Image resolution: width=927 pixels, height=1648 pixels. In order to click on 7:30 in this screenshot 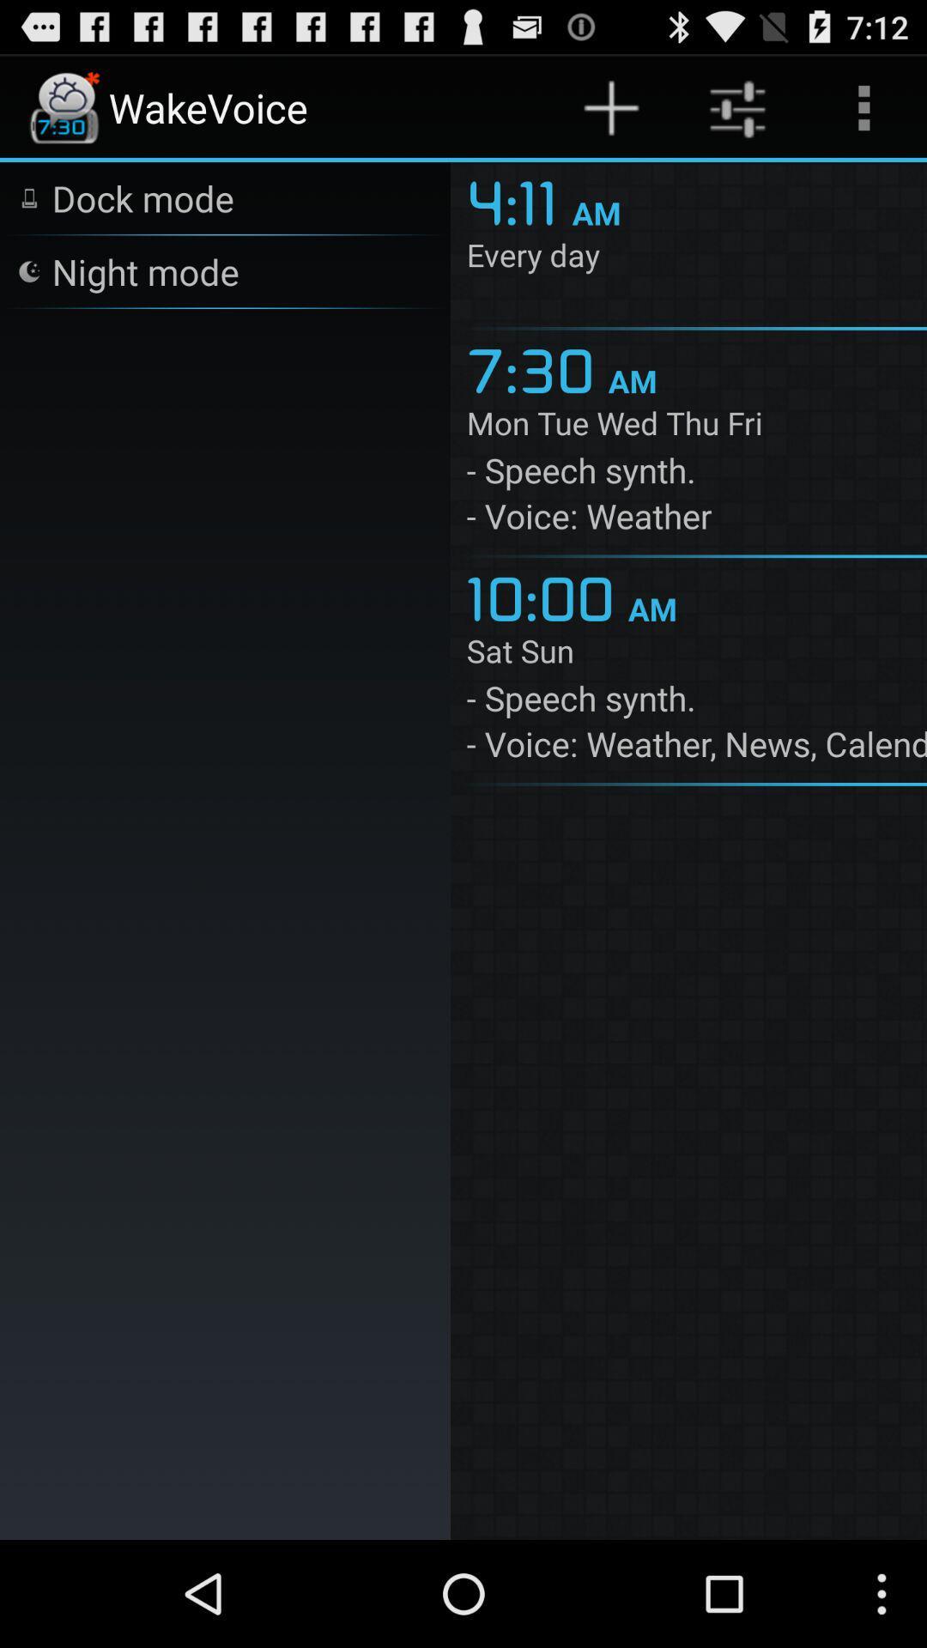, I will do `click(536, 367)`.